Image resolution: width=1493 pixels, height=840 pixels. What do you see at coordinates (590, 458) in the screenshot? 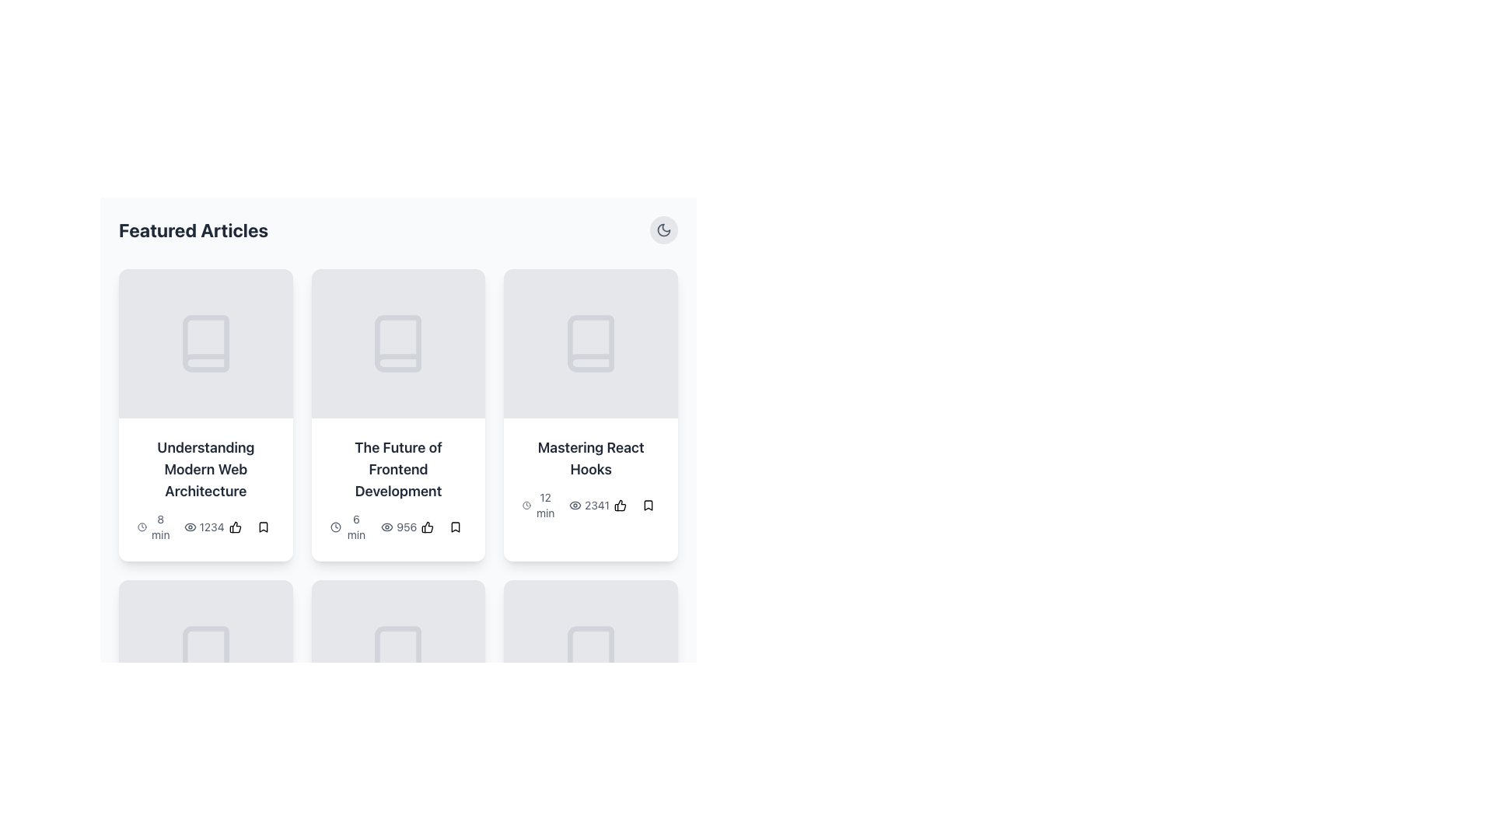
I see `the text label 'Mastering React Hooks' which is displayed in a larger, bold font centered at the top of the third card` at bounding box center [590, 458].